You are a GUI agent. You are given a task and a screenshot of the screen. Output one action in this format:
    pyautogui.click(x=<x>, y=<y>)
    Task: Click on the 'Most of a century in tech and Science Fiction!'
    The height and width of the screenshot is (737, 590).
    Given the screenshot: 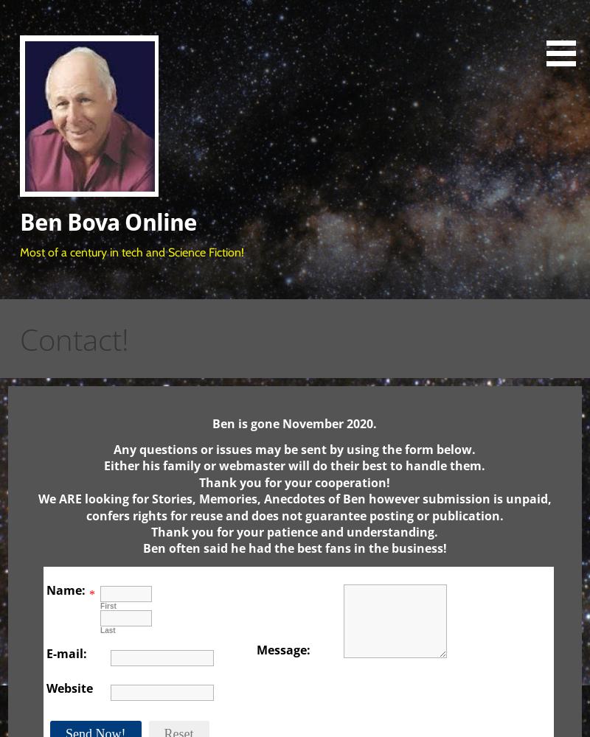 What is the action you would take?
    pyautogui.click(x=131, y=251)
    